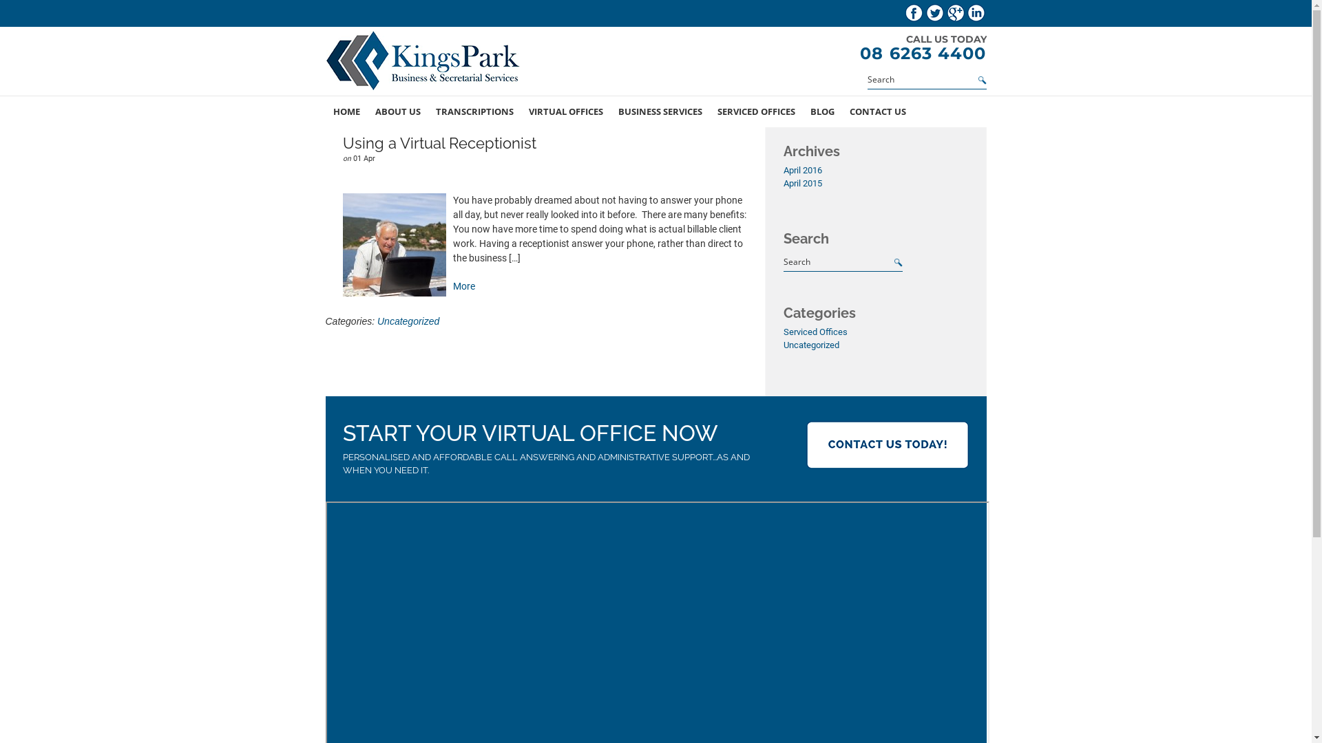  I want to click on 'Using a Virtual Receptionist', so click(439, 143).